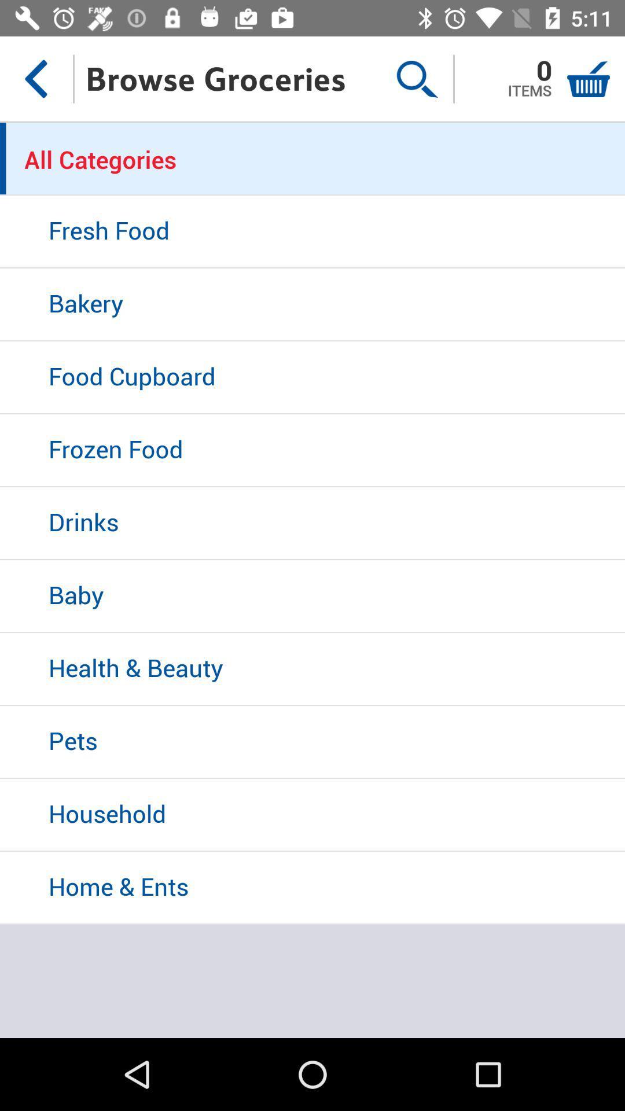 The height and width of the screenshot is (1111, 625). I want to click on the icon below bakery, so click(312, 378).